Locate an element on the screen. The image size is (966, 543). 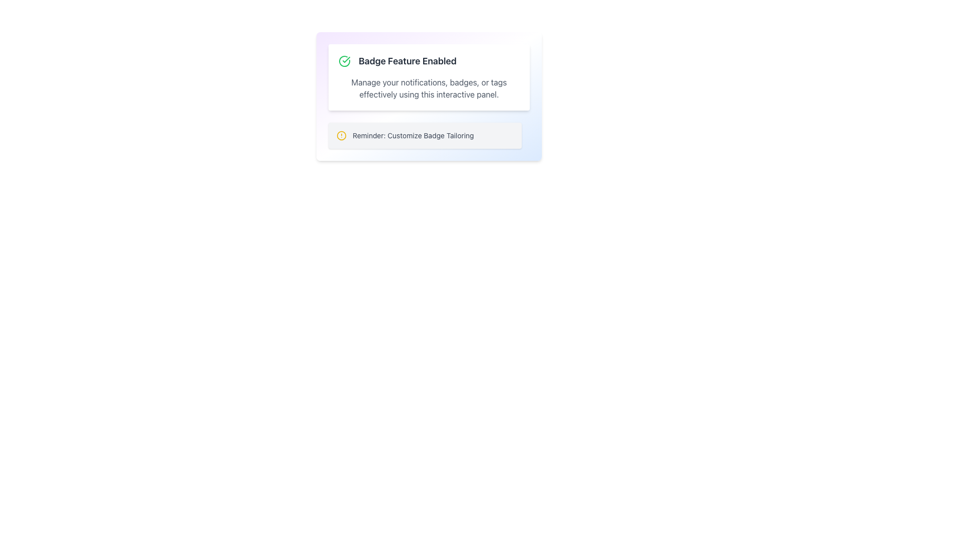
the text block that describes how to manage notifications, badges, or tags effectively, located below the title 'Badge Feature Enabled' is located at coordinates (429, 88).